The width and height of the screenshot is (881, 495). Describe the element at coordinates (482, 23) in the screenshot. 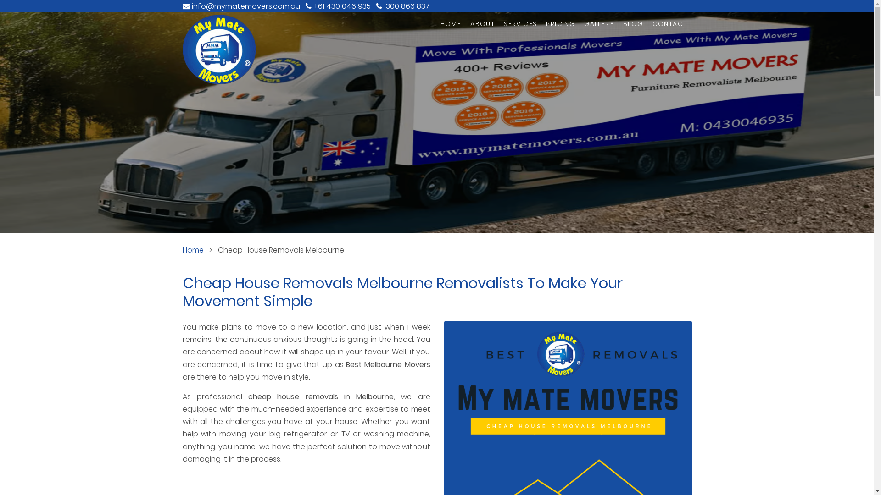

I see `'ABOUT'` at that location.